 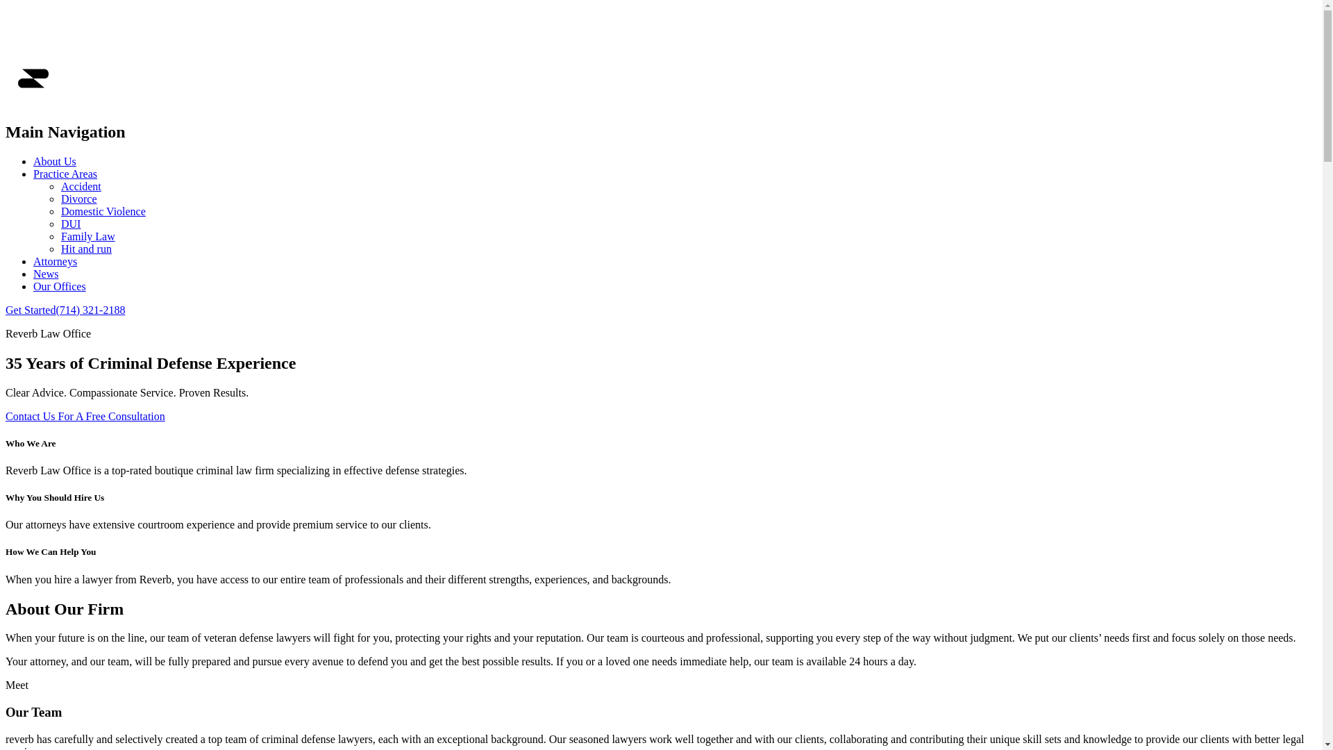 What do you see at coordinates (102, 211) in the screenshot?
I see `'Domestic Violence'` at bounding box center [102, 211].